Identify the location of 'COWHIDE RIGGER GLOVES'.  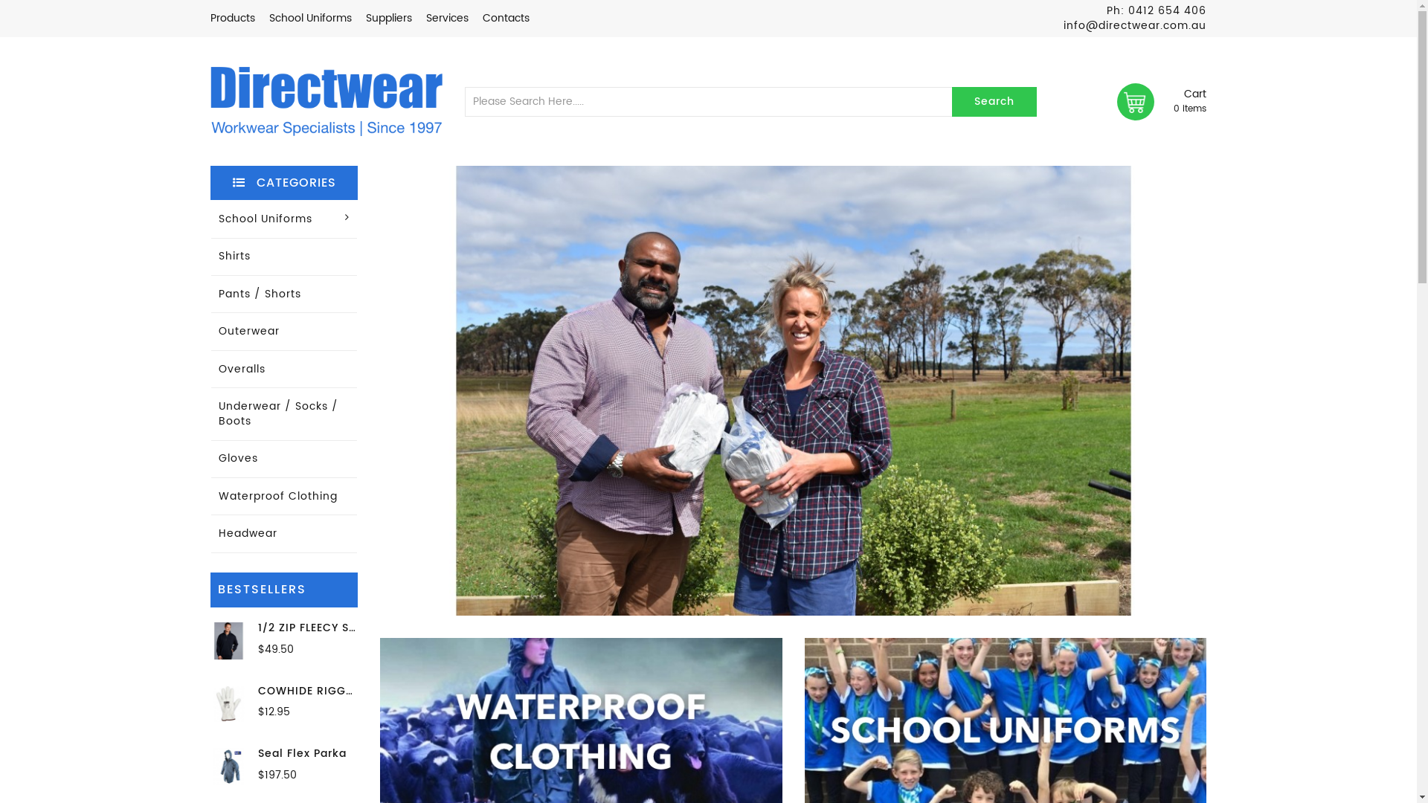
(331, 691).